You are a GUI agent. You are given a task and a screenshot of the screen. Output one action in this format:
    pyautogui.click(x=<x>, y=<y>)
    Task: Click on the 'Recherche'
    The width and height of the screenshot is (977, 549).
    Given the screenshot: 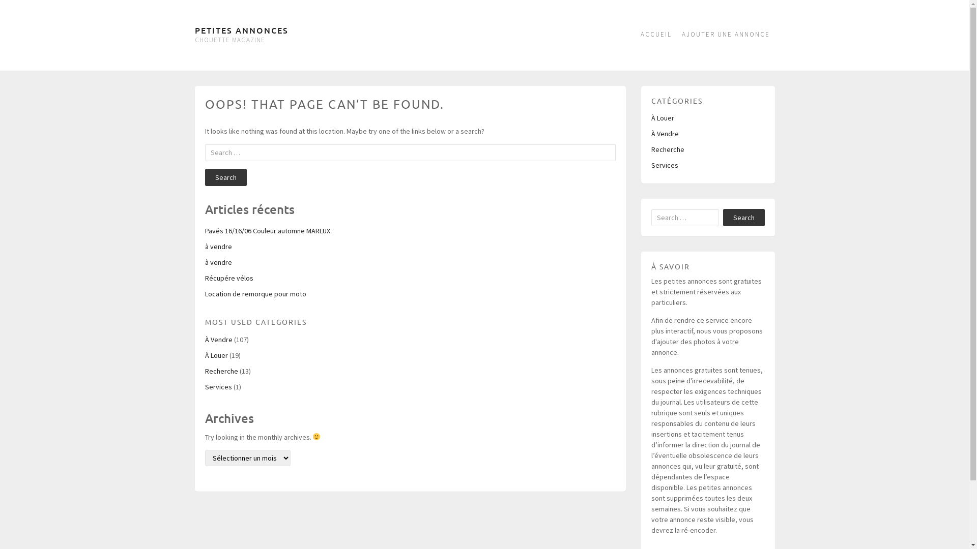 What is the action you would take?
    pyautogui.click(x=668, y=149)
    